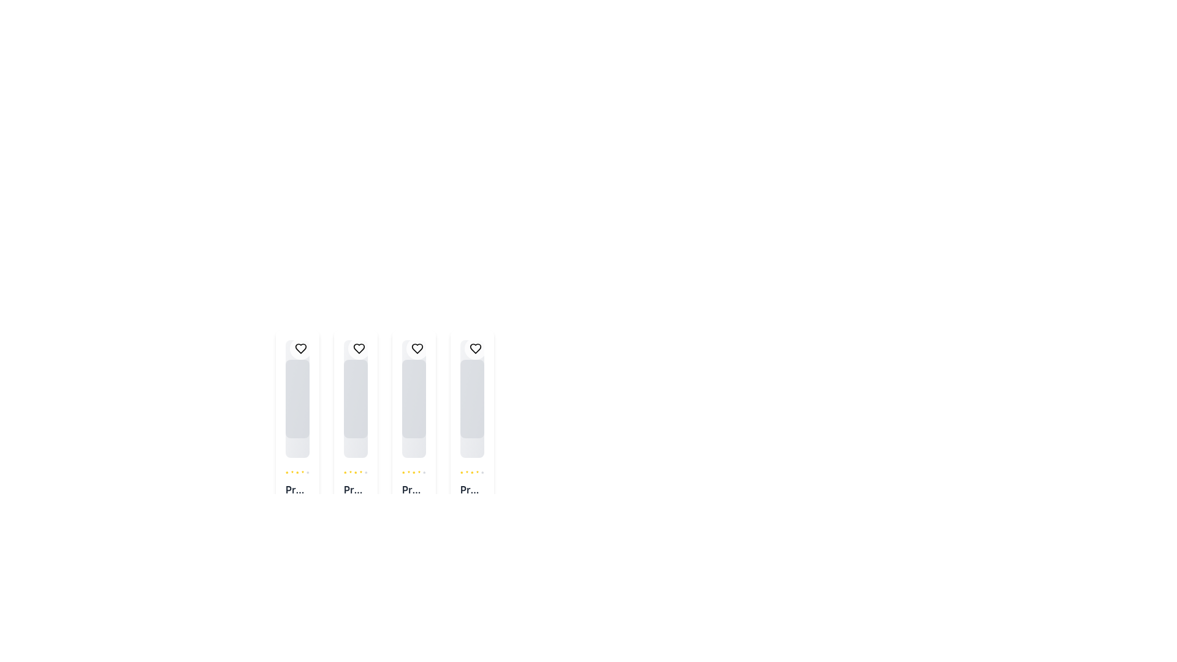  I want to click on the heart icon in the fourth product card, so click(475, 349).